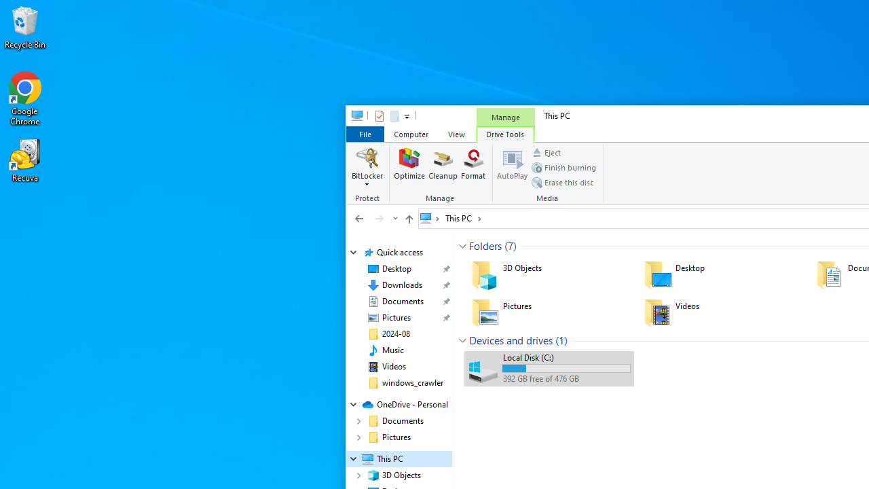 The image size is (869, 489). I want to click on 'Forward (Alt + Right Arrow)', so click(379, 217).